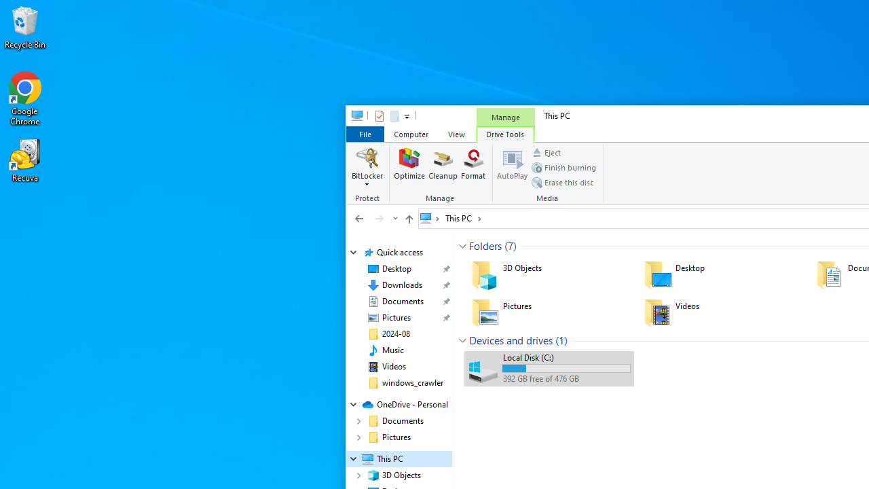 The image size is (869, 489). I want to click on 'Forward (Alt + Right Arrow)', so click(379, 217).